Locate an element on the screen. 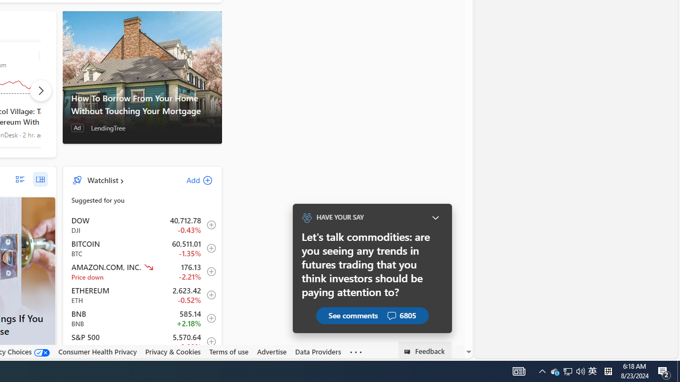  'Consumer Health Privacy' is located at coordinates (97, 352).